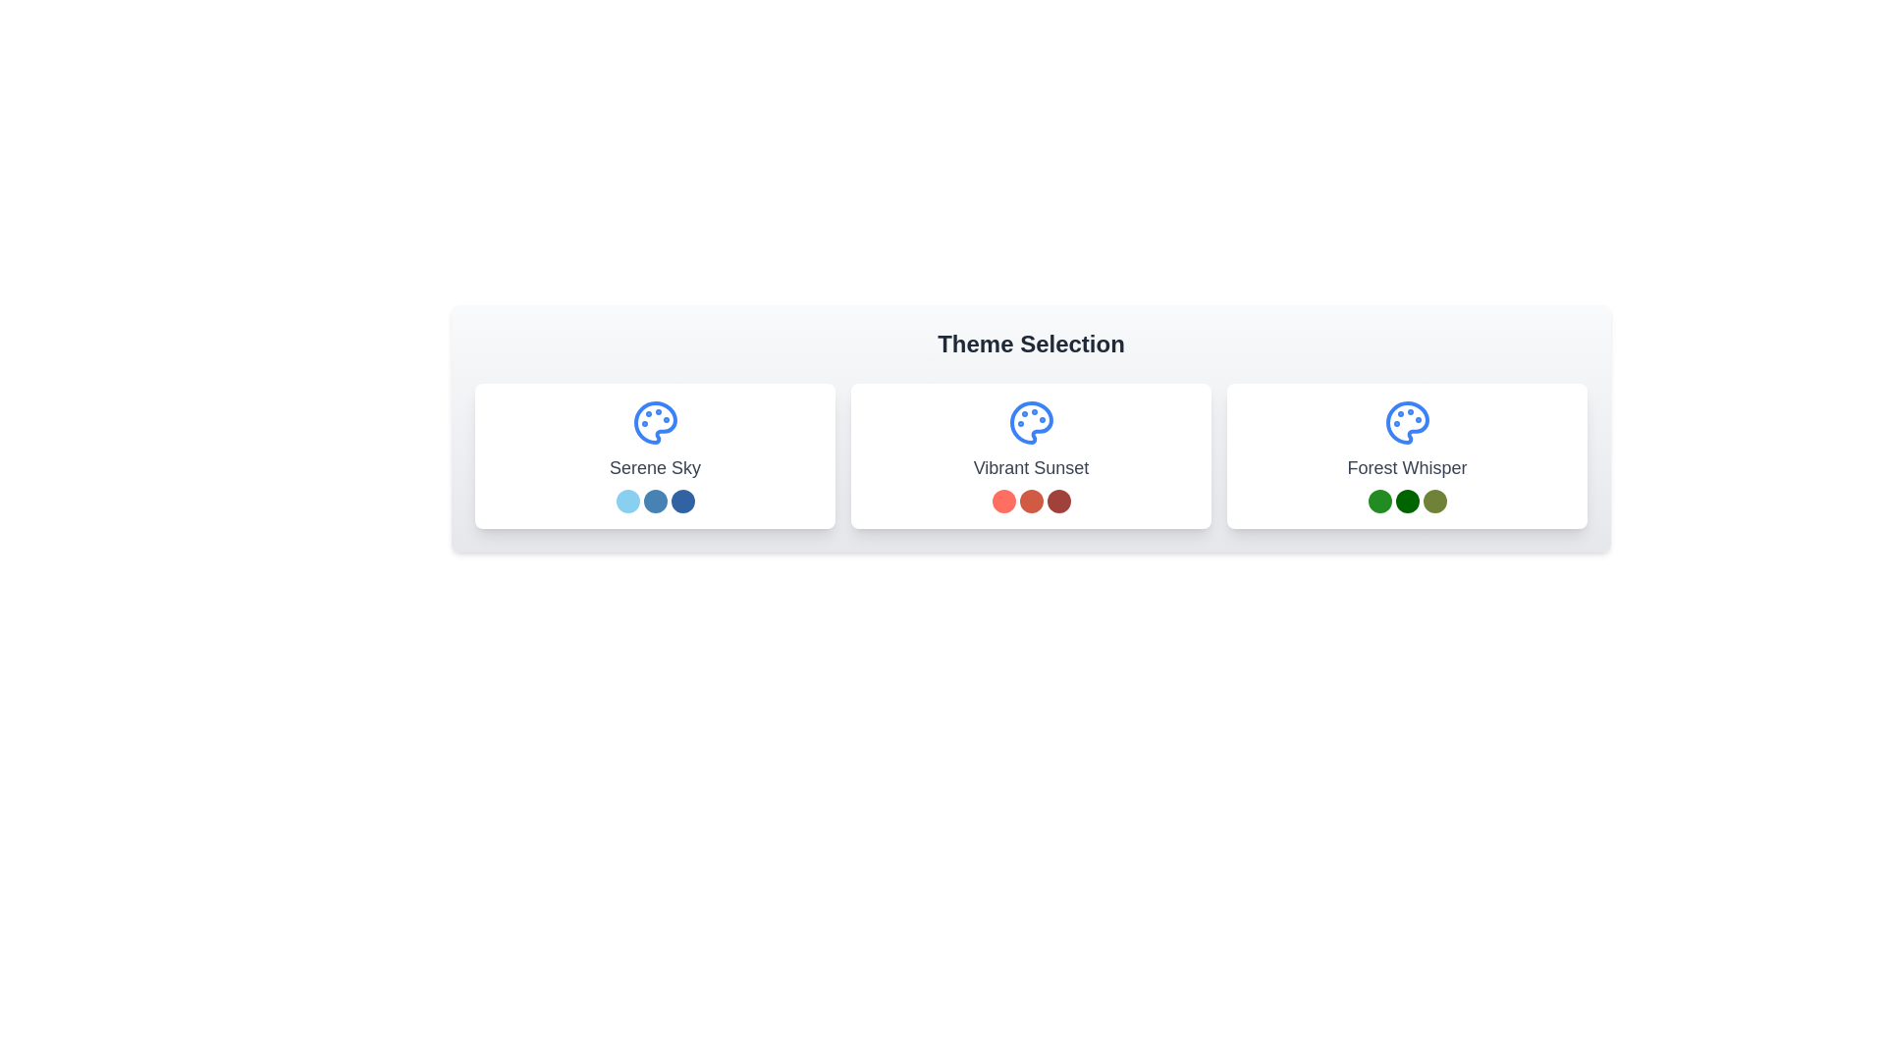 Image resolution: width=1885 pixels, height=1060 pixels. What do you see at coordinates (1030, 456) in the screenshot?
I see `the 'Vibrant Sunset' theme card, which is a rectangular card with a white background, a blue palette icon at the top, and gray text underneath` at bounding box center [1030, 456].